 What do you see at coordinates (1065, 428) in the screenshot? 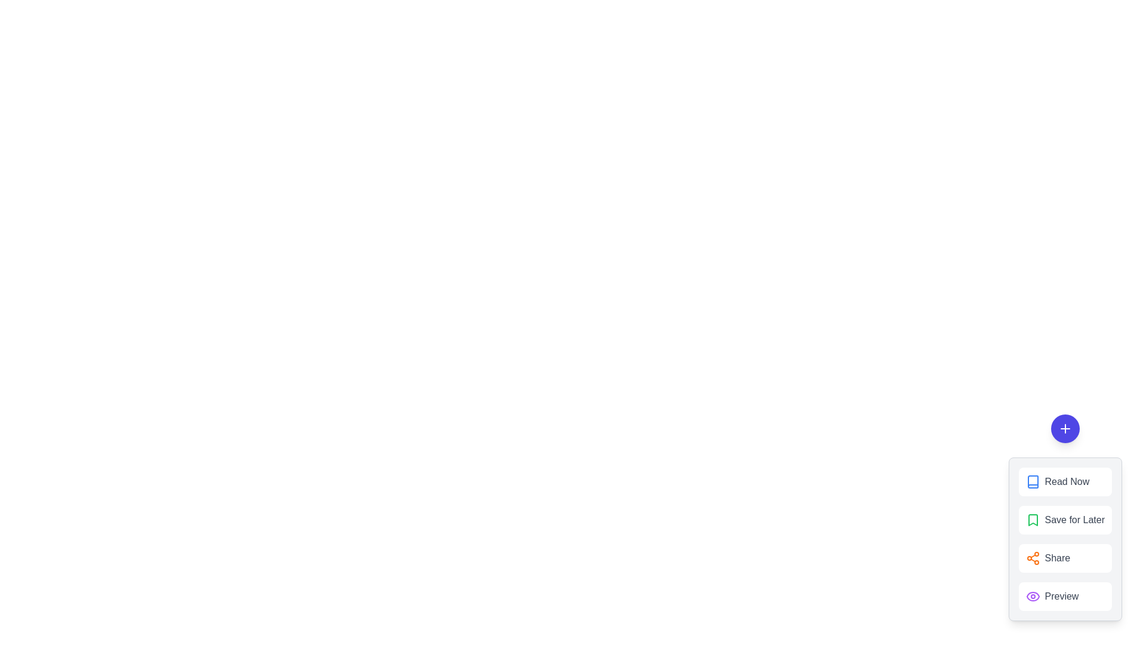
I see `the toggle button to open or close the speed dial menu` at bounding box center [1065, 428].